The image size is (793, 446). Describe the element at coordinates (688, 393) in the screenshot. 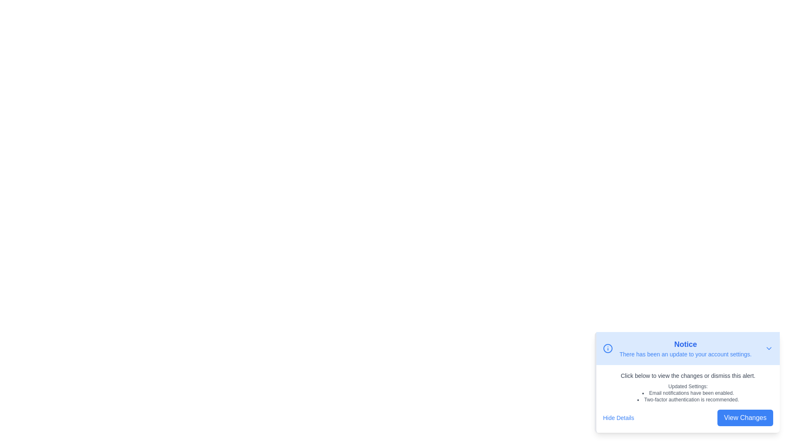

I see `the Text block that informs users about updates to their account settings, located below the alert text and above the 'Hide Details' and 'View Changes' buttons` at that location.